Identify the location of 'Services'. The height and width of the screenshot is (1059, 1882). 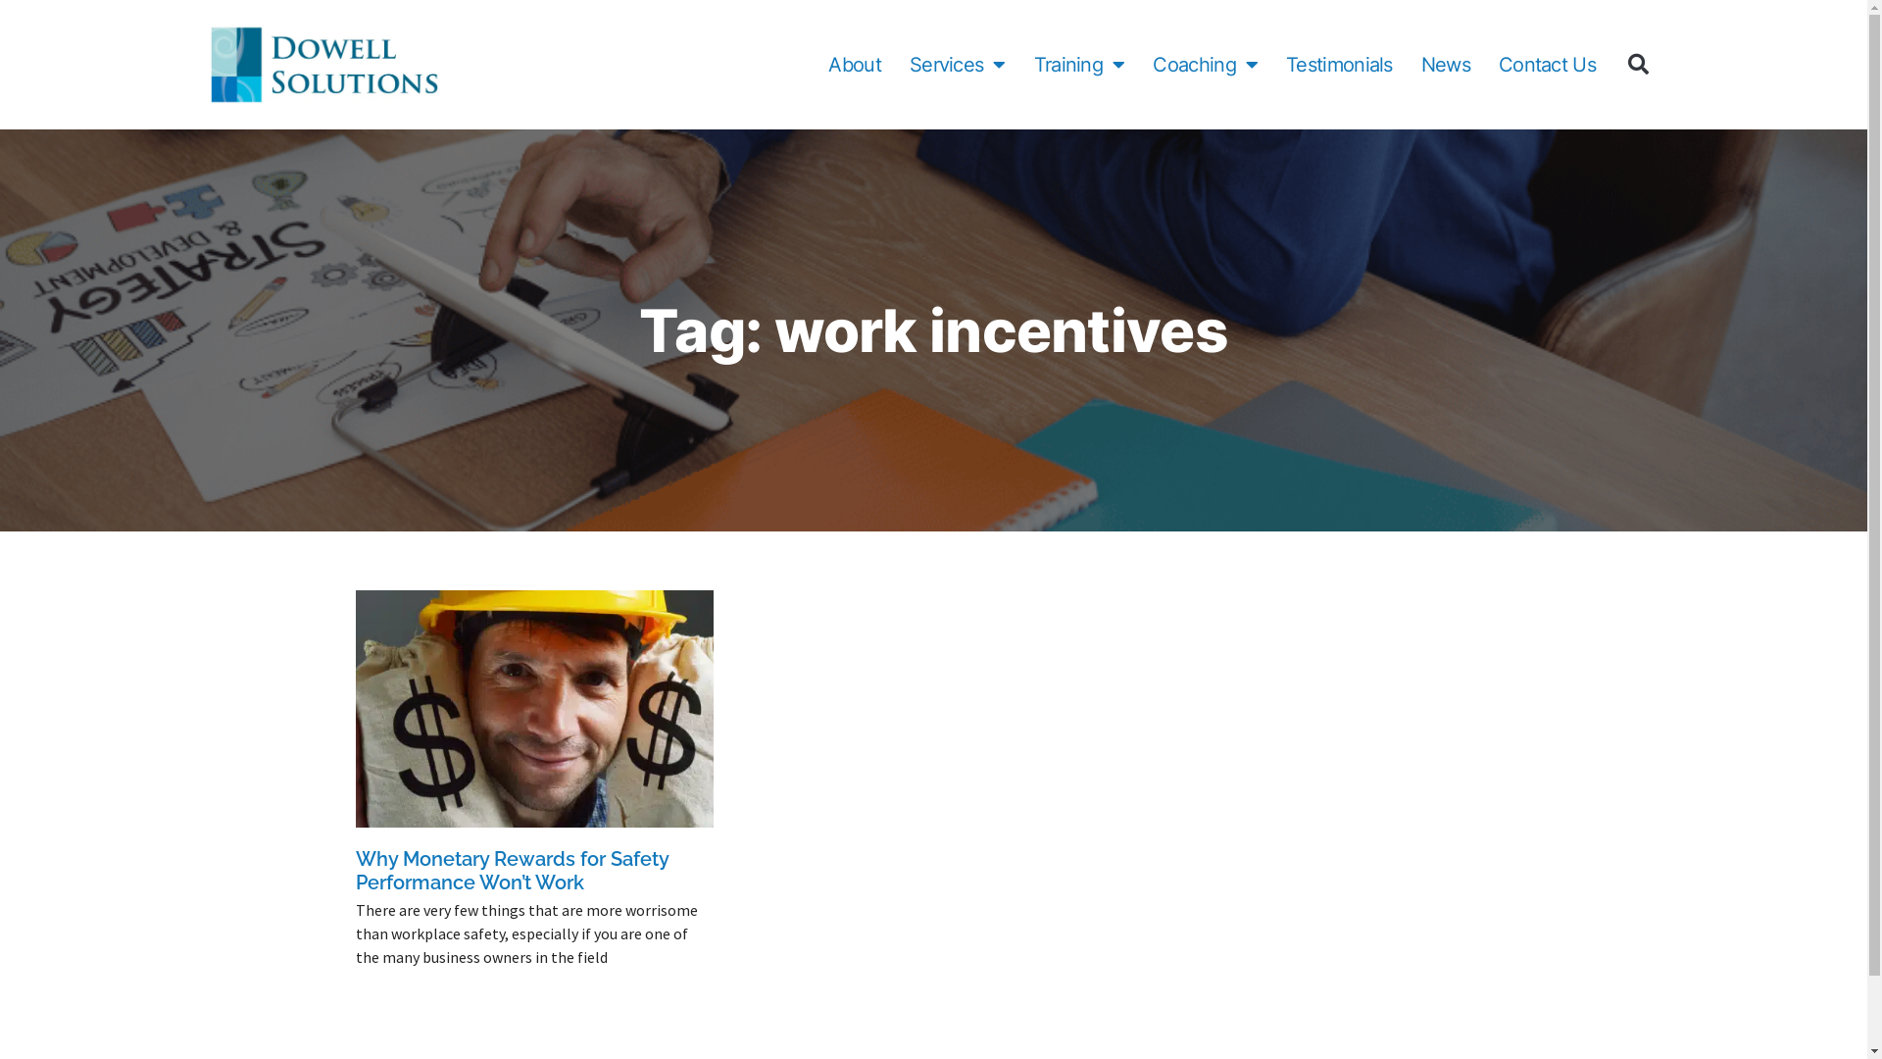
(958, 63).